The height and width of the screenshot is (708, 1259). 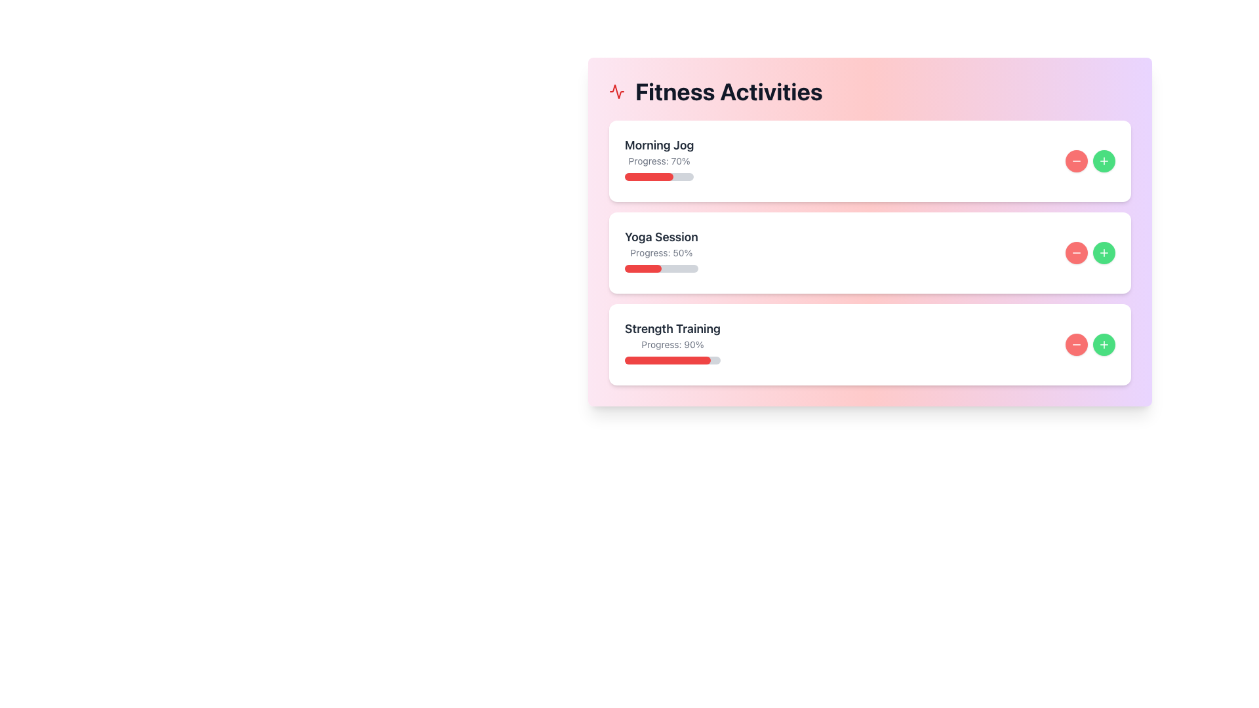 I want to click on the Progress Bar indicating 70% completion of the 'Morning Jog' activity, located beneath the title and progress percentage text, so click(x=659, y=177).